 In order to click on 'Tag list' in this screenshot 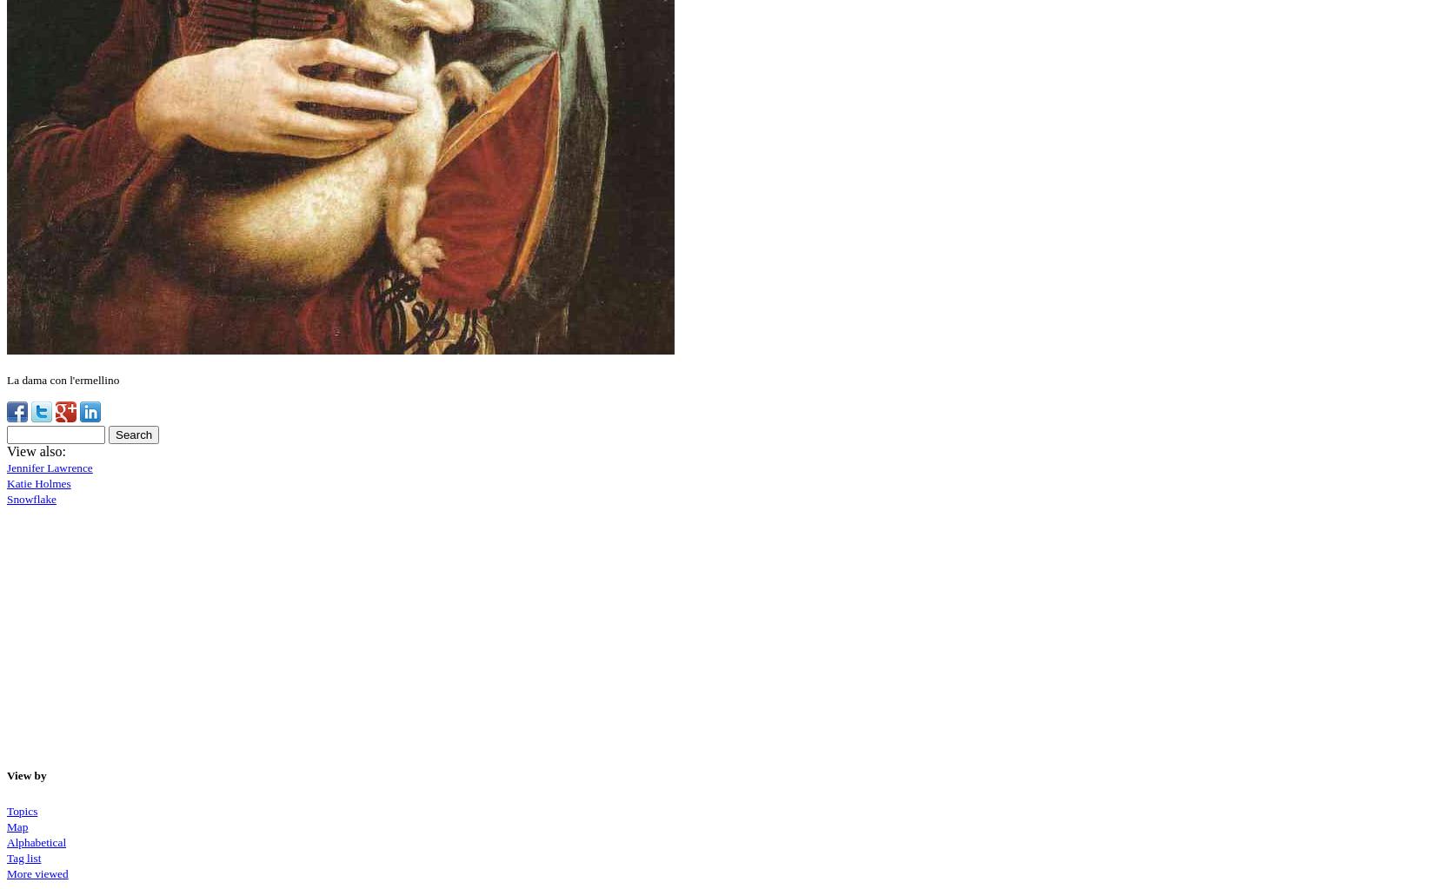, I will do `click(23, 856)`.